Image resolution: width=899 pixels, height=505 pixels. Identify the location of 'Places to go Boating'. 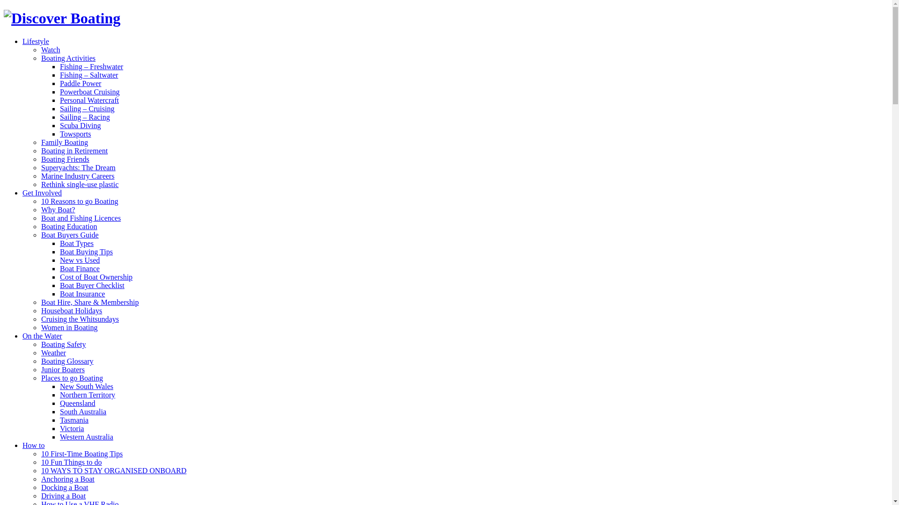
(71, 377).